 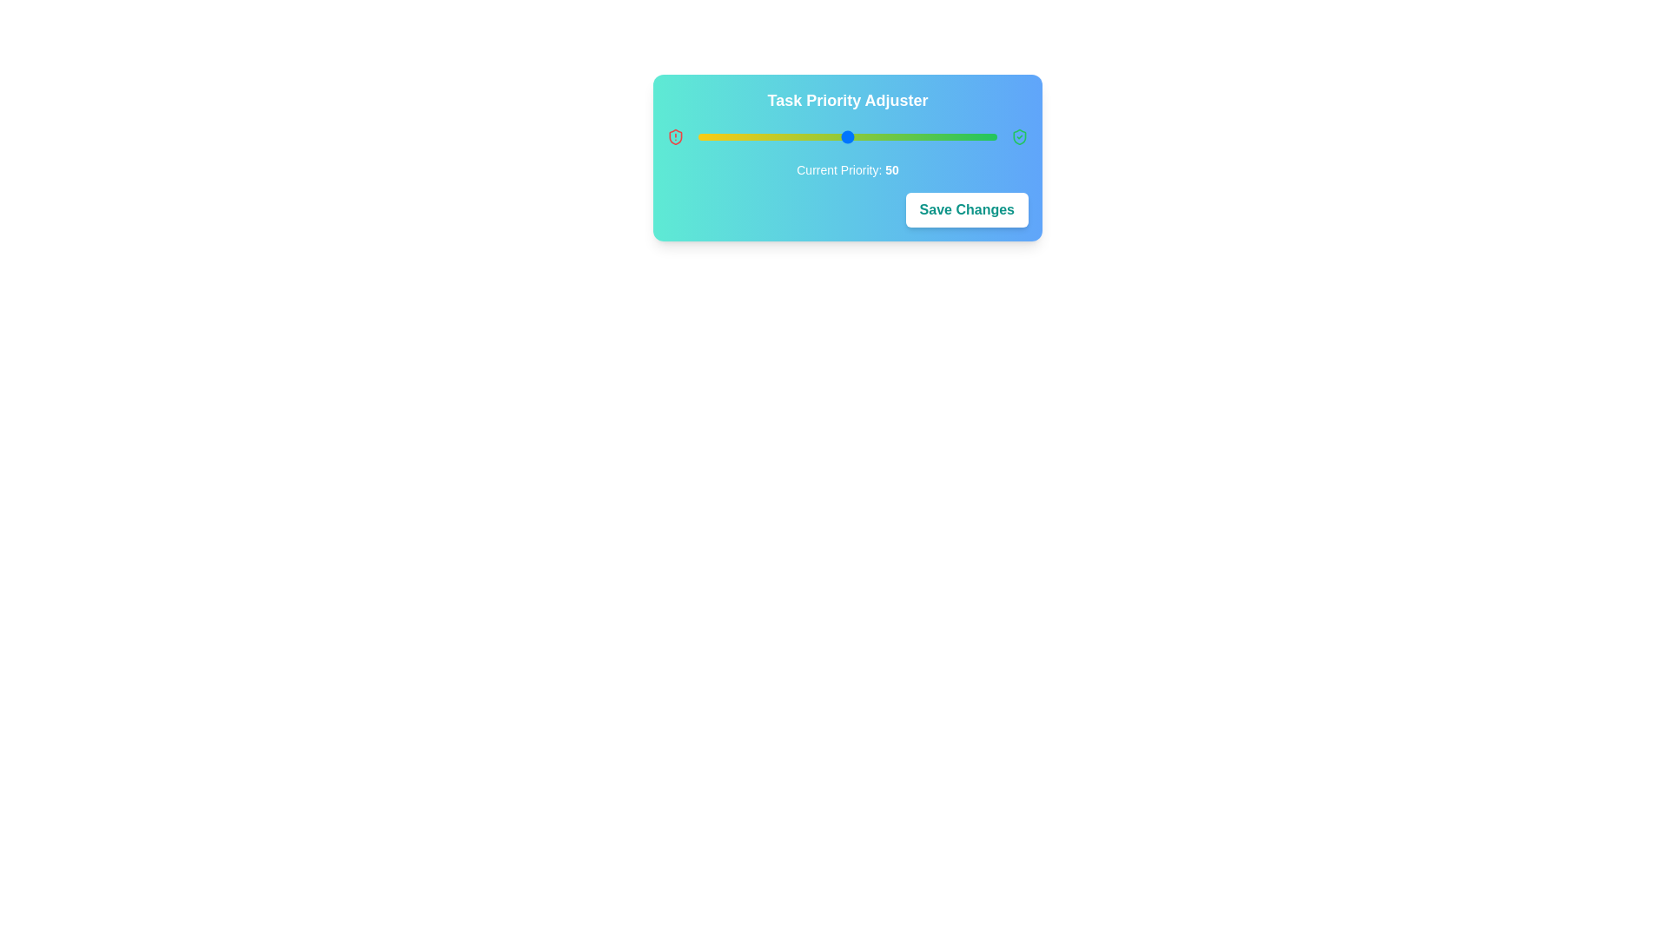 I want to click on the priority slider to 16 by clicking on the slider track, so click(x=746, y=136).